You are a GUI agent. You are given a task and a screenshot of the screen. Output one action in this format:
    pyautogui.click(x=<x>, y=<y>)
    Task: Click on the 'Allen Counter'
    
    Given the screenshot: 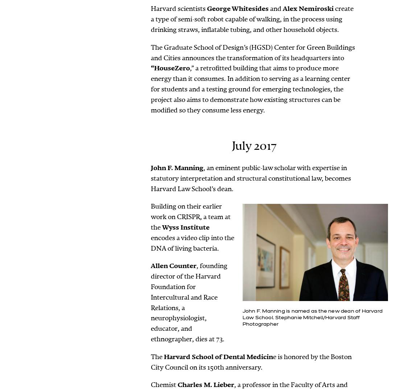 What is the action you would take?
    pyautogui.click(x=150, y=266)
    